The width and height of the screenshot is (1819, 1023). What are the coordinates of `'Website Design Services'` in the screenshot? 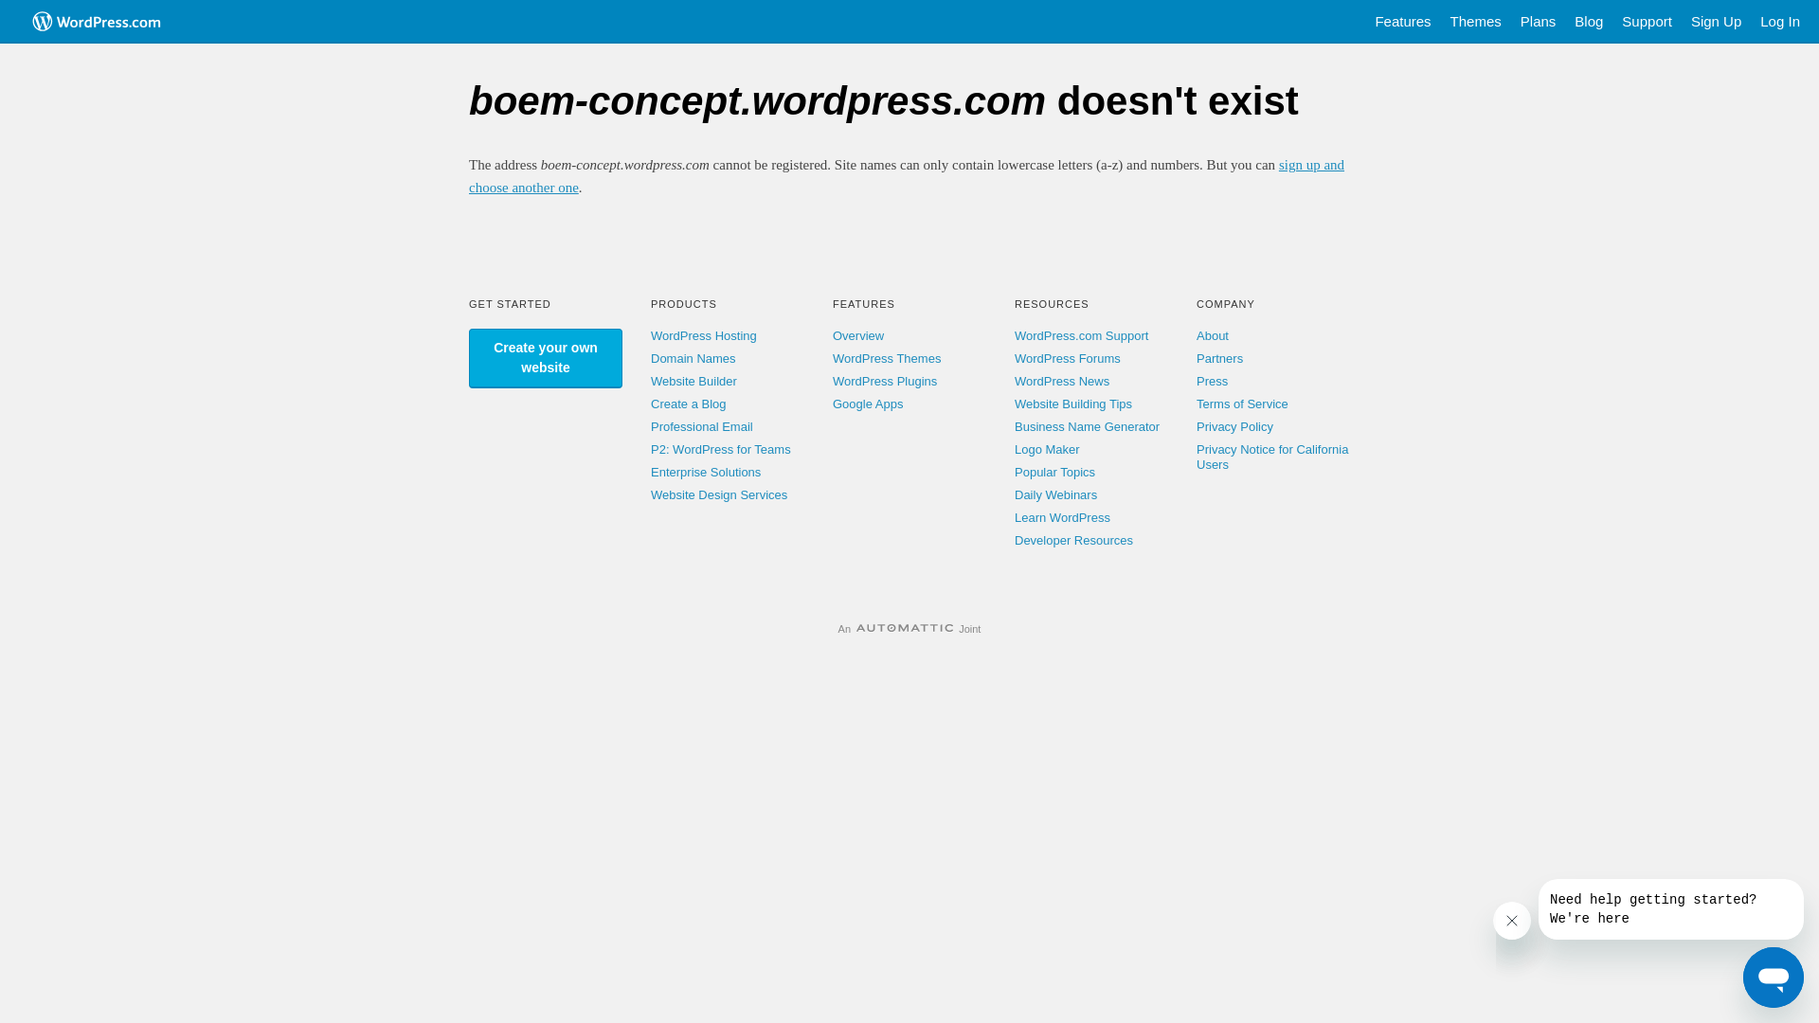 It's located at (717, 494).